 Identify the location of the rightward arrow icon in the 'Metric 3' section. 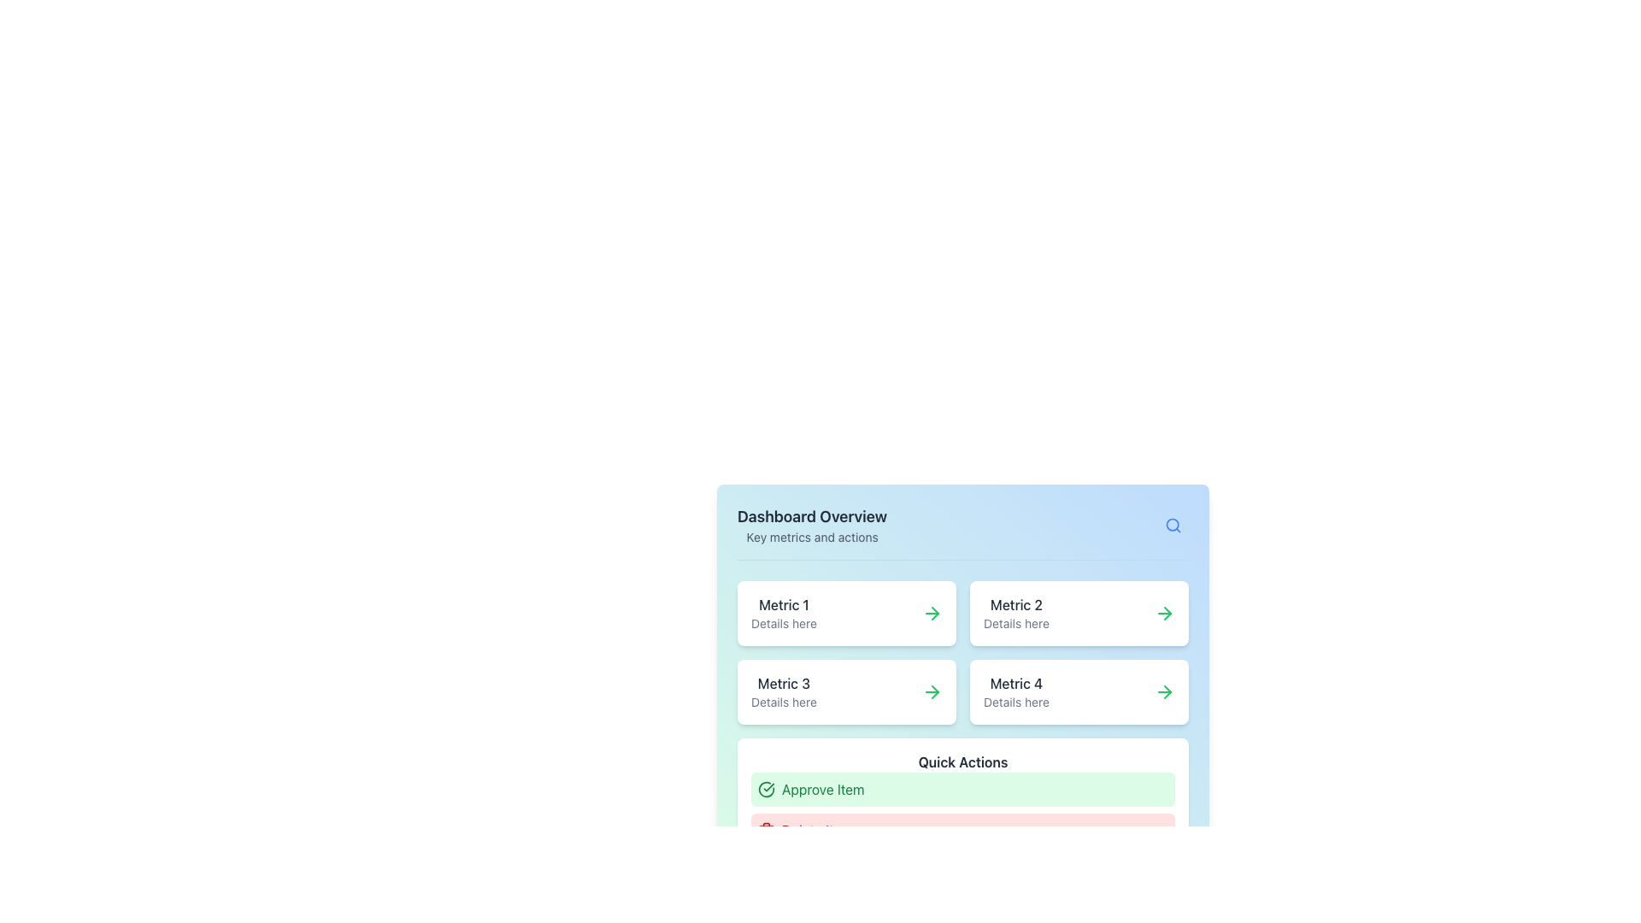
(934, 692).